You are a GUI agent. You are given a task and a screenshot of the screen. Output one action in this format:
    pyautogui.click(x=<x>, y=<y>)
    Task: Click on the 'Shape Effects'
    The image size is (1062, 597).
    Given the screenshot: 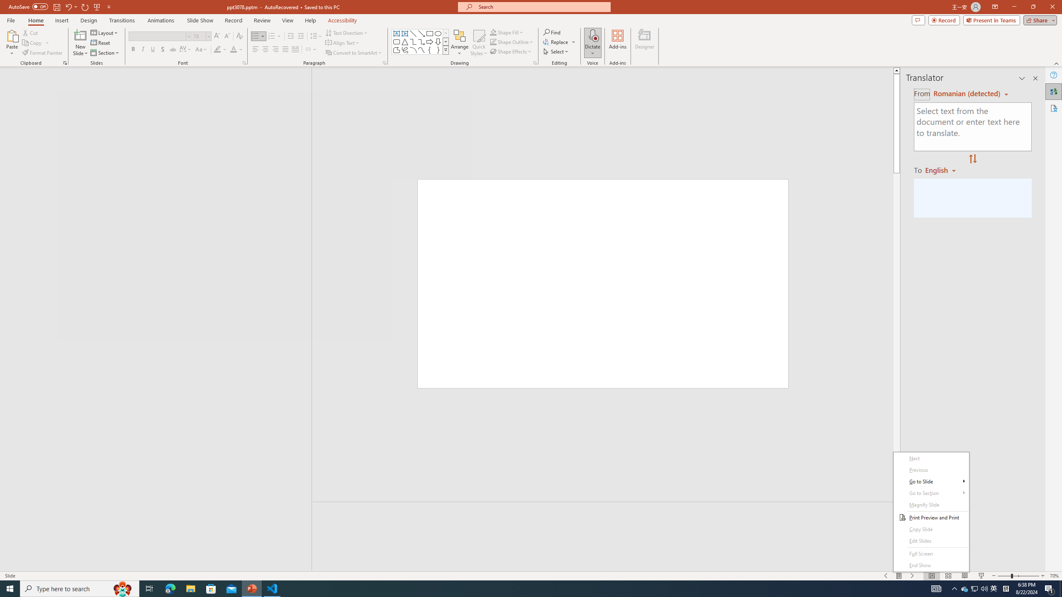 What is the action you would take?
    pyautogui.click(x=511, y=51)
    